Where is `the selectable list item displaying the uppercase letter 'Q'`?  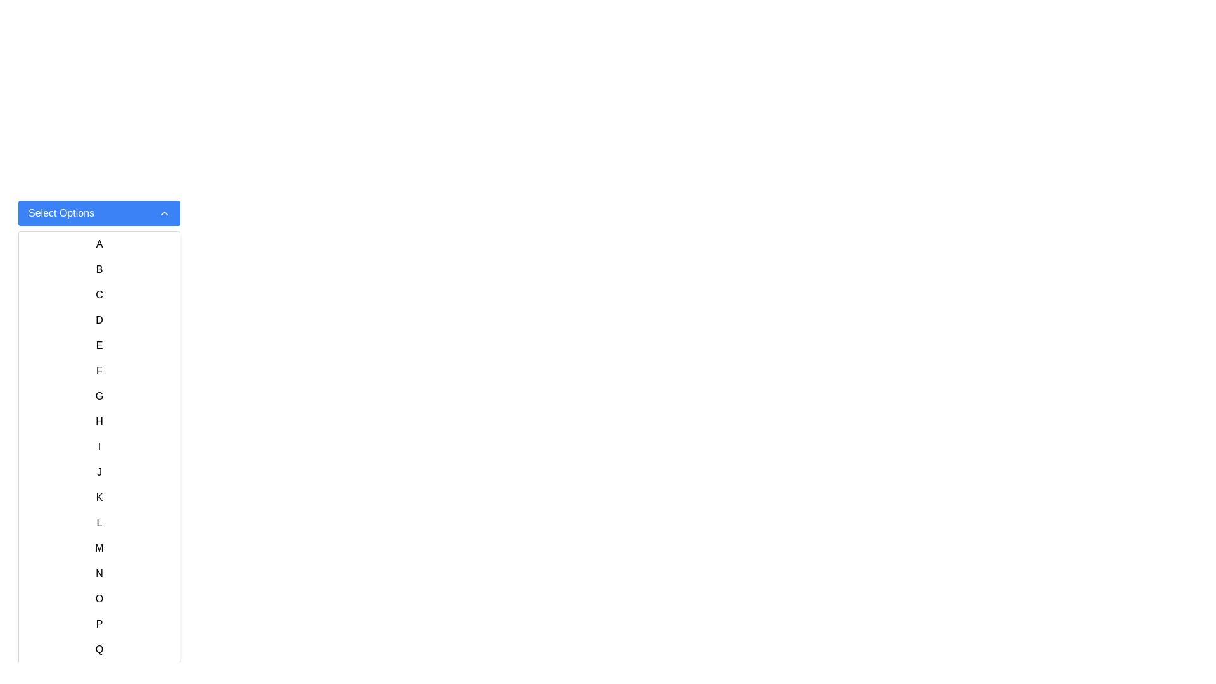 the selectable list item displaying the uppercase letter 'Q' is located at coordinates (99, 650).